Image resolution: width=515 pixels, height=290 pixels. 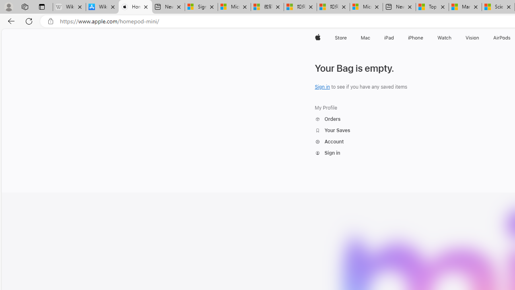 I want to click on 'Watch menu', so click(x=453, y=37).